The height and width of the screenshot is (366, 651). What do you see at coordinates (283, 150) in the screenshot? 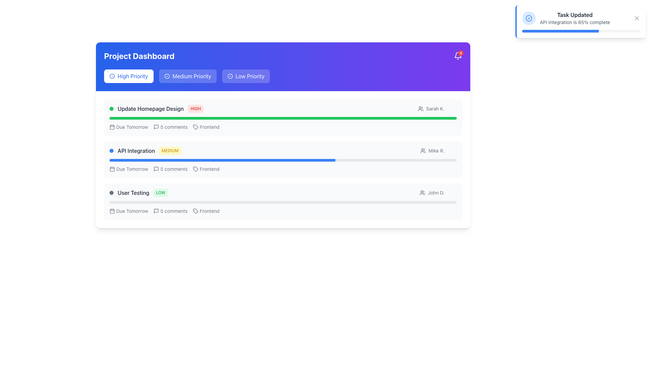
I see `the task entry element for 'API Integration' in the project management dashboard, which is the second row in the list of tasks` at bounding box center [283, 150].